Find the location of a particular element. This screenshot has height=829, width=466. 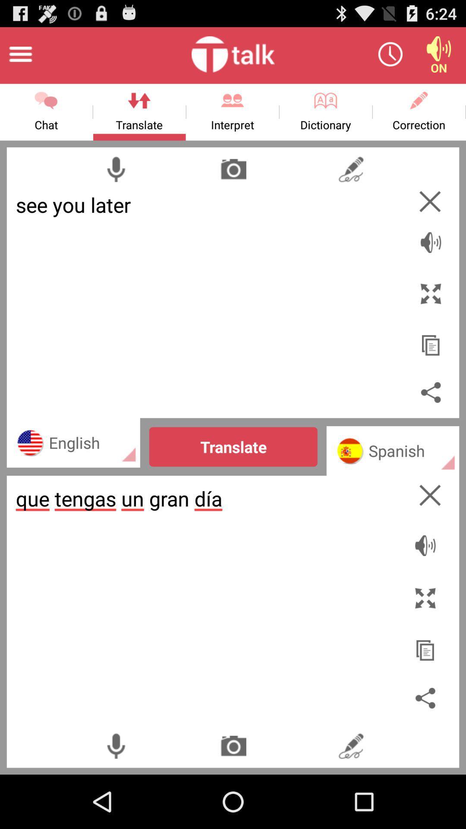

use your microphone to record is located at coordinates (115, 745).